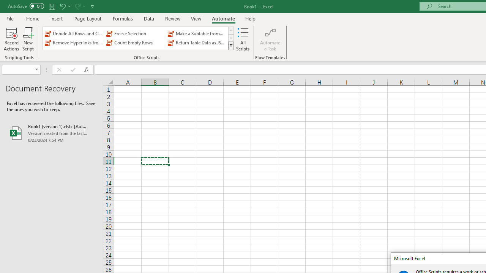  Describe the element at coordinates (270, 39) in the screenshot. I see `'Automate a Task'` at that location.